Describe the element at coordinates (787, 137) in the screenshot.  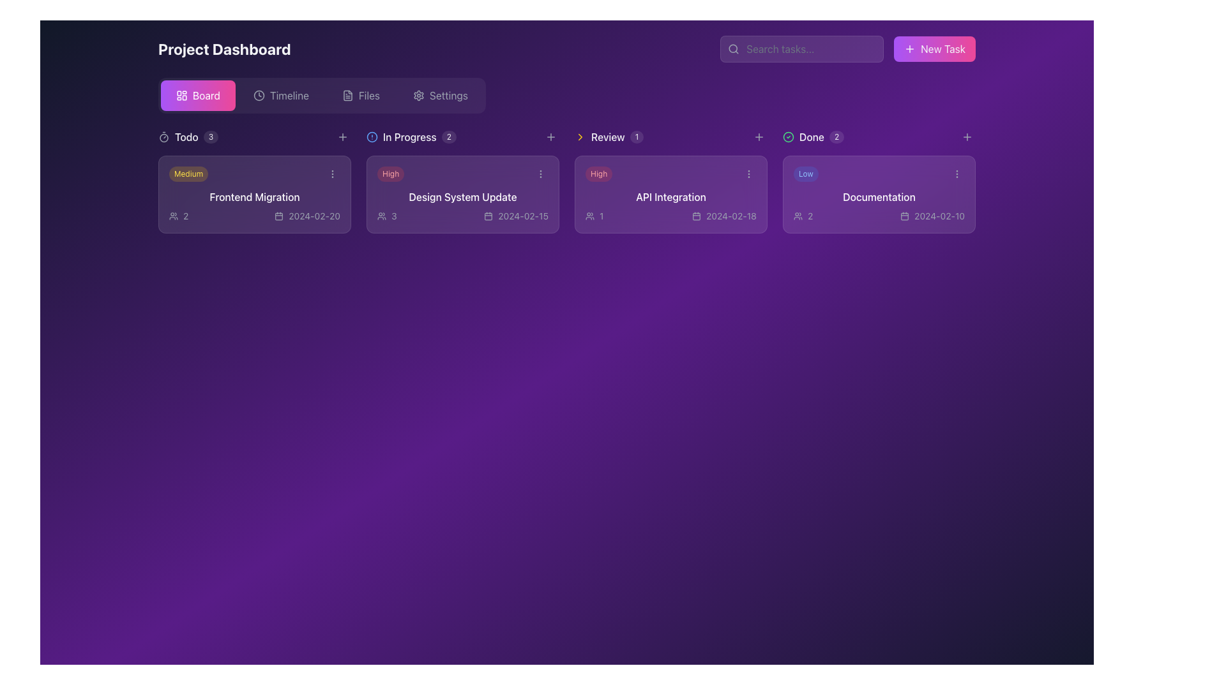
I see `the Circle shape representing the 'Done' category status, which is part of an icon indicating completed tasks, by clicking on it` at that location.